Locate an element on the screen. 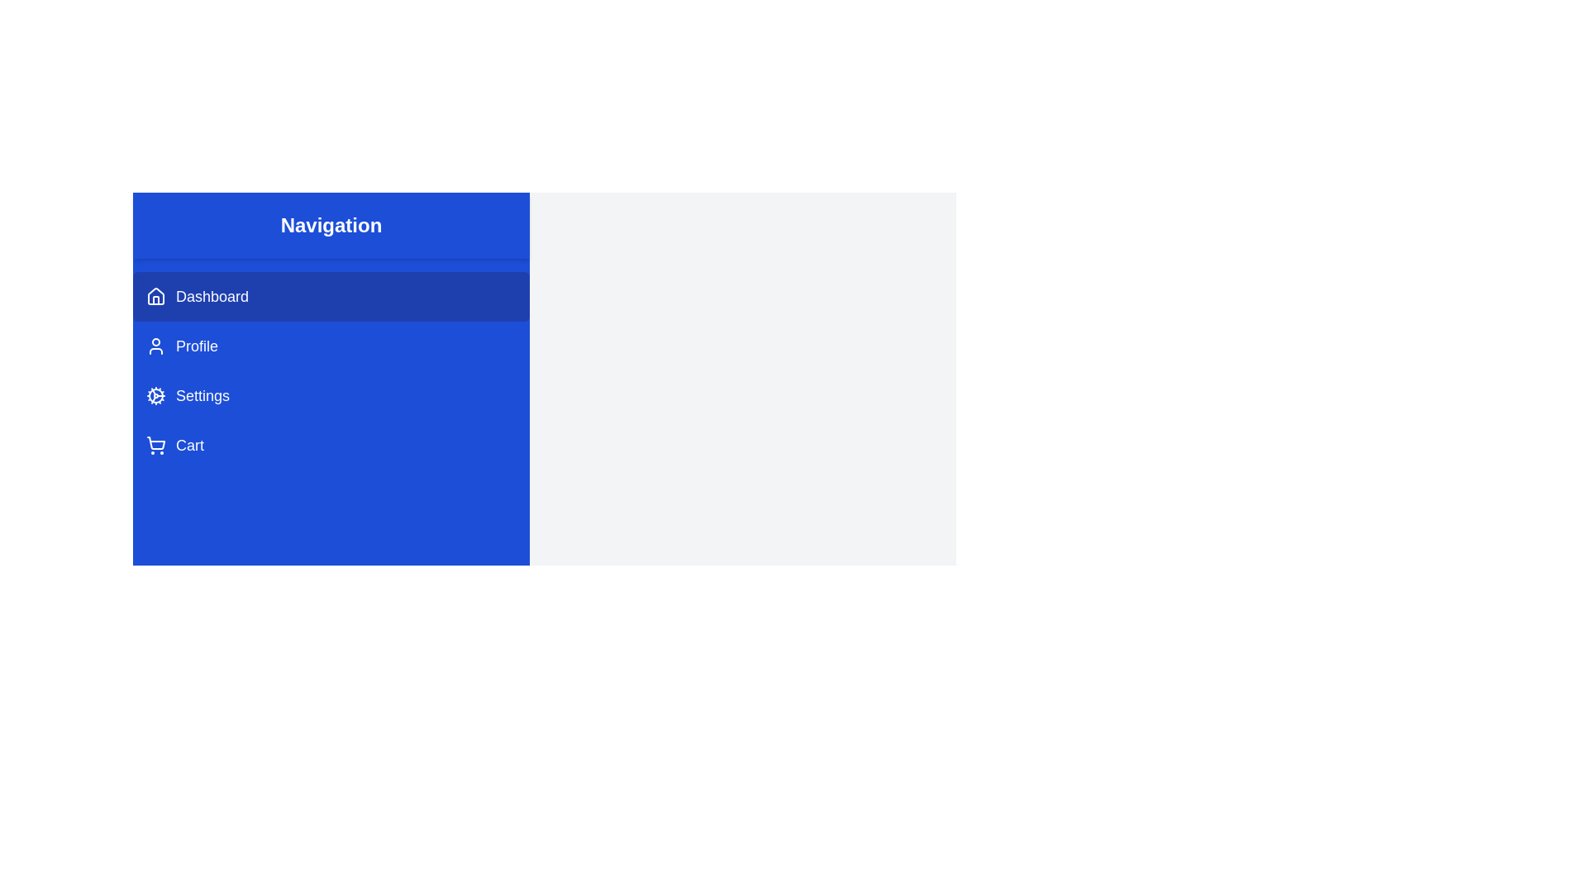 This screenshot has height=893, width=1587. the user icon that represents the 'Profile' menu item, which is an outlined circular head and trapezoidal body located to the left of the text label 'Profile' is located at coordinates (155, 346).